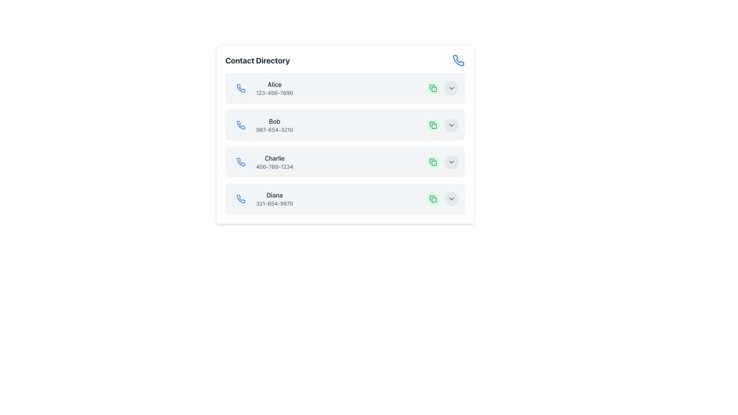  I want to click on the dropdown menu button for the 'Charlie' contact located at the far-right edge of the third contact card, so click(442, 161).